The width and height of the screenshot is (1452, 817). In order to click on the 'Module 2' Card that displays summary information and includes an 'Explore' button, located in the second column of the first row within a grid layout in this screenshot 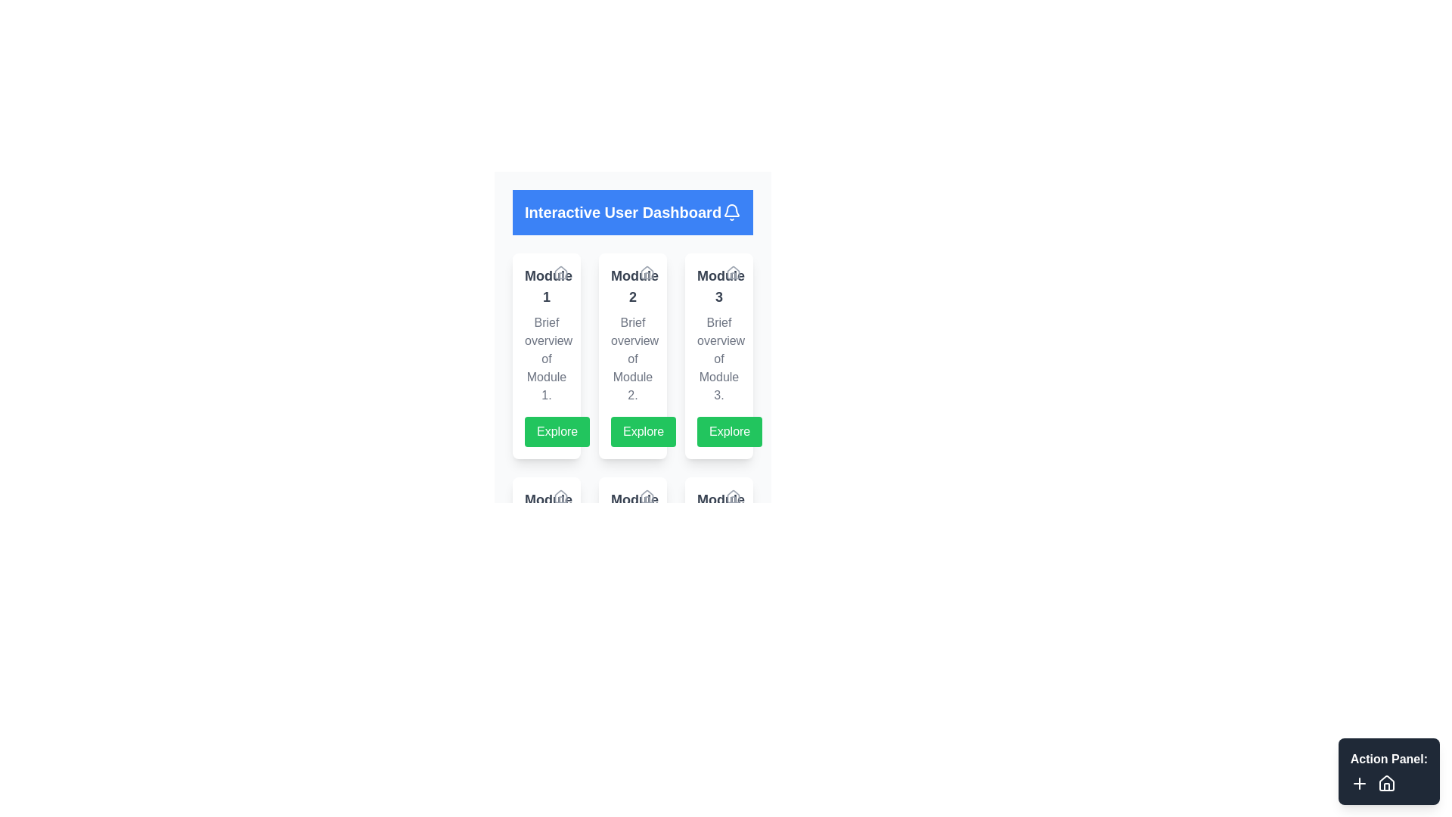, I will do `click(632, 328)`.